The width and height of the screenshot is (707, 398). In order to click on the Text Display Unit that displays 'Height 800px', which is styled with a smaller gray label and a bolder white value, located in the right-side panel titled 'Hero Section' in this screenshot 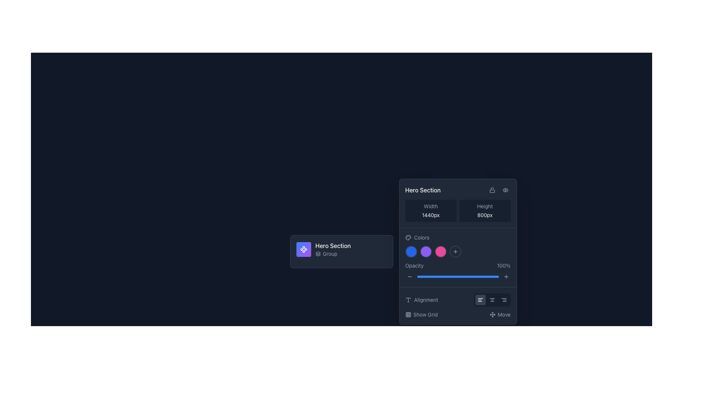, I will do `click(485, 210)`.